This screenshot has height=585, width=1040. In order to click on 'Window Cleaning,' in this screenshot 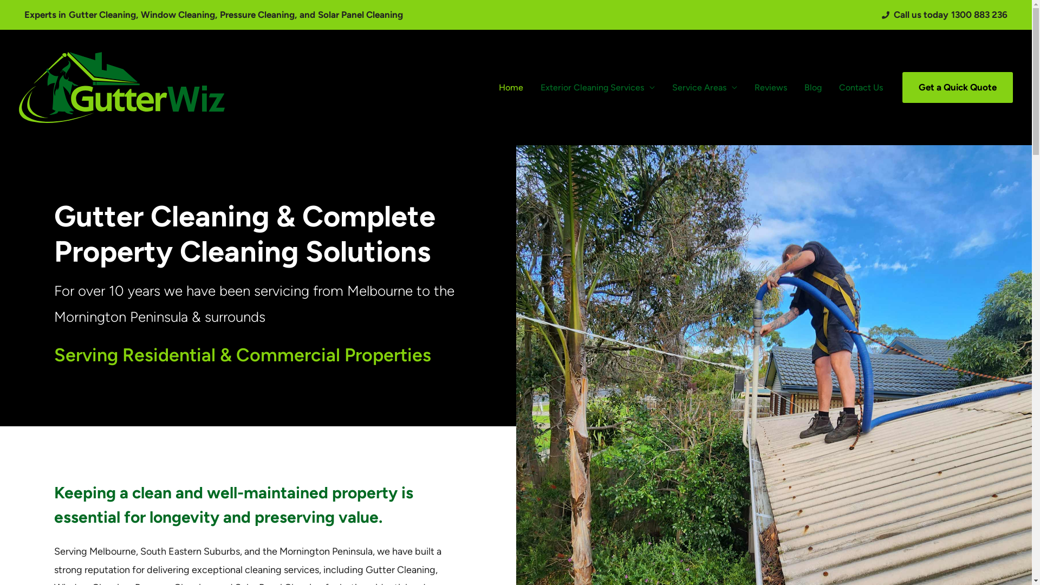, I will do `click(179, 15)`.